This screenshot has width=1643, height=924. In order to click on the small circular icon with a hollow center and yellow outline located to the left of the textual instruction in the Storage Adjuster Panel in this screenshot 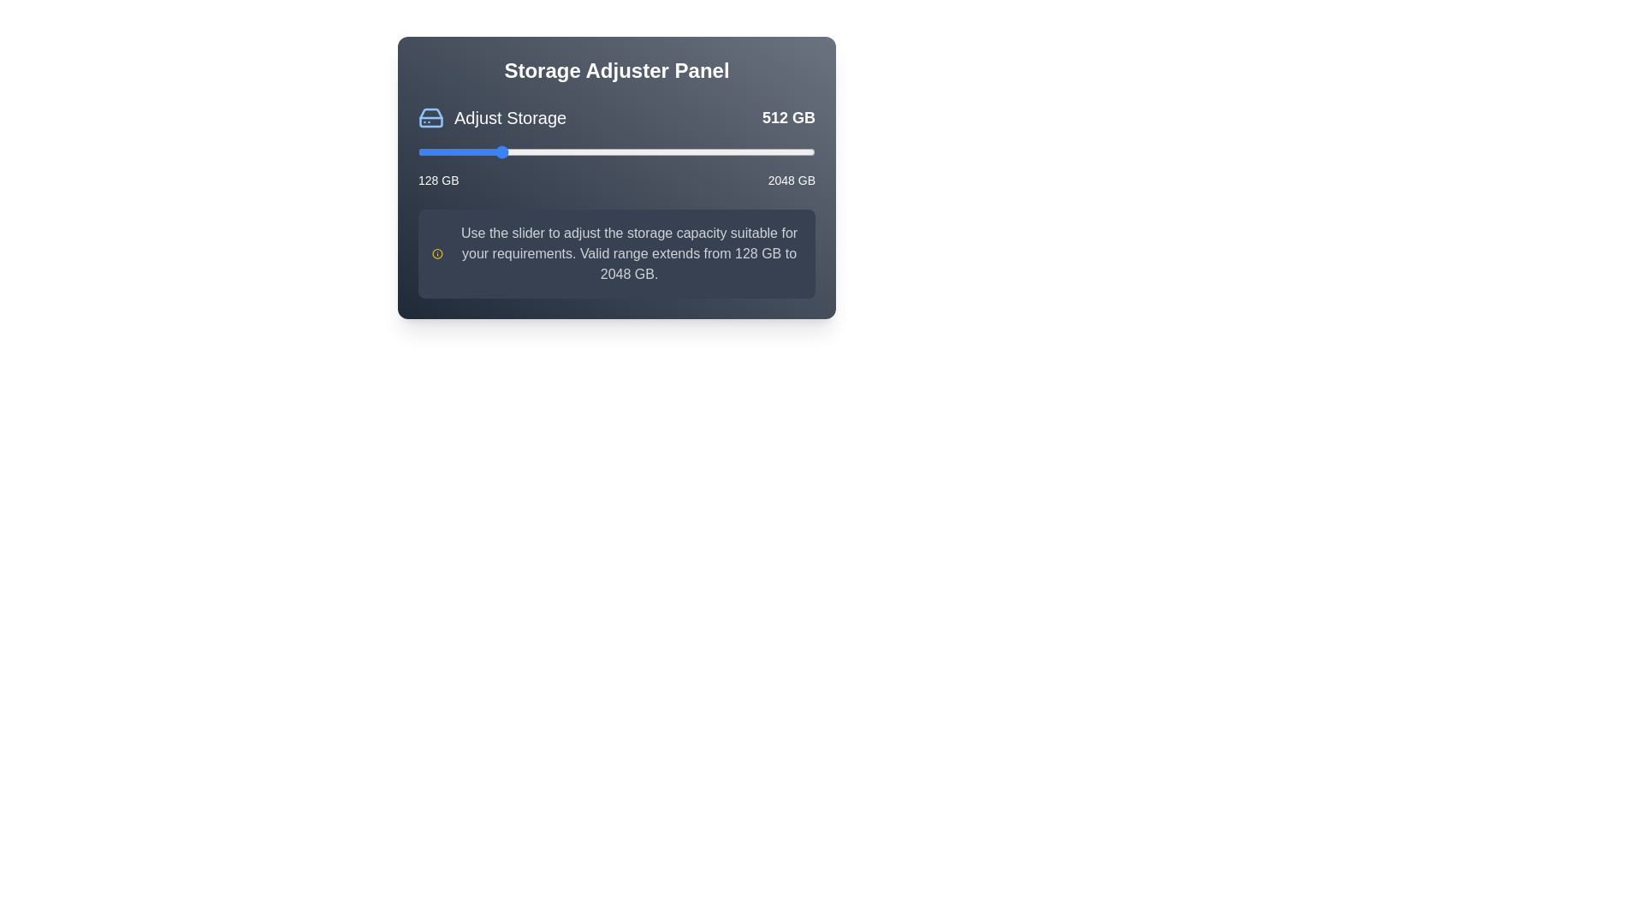, I will do `click(437, 254)`.